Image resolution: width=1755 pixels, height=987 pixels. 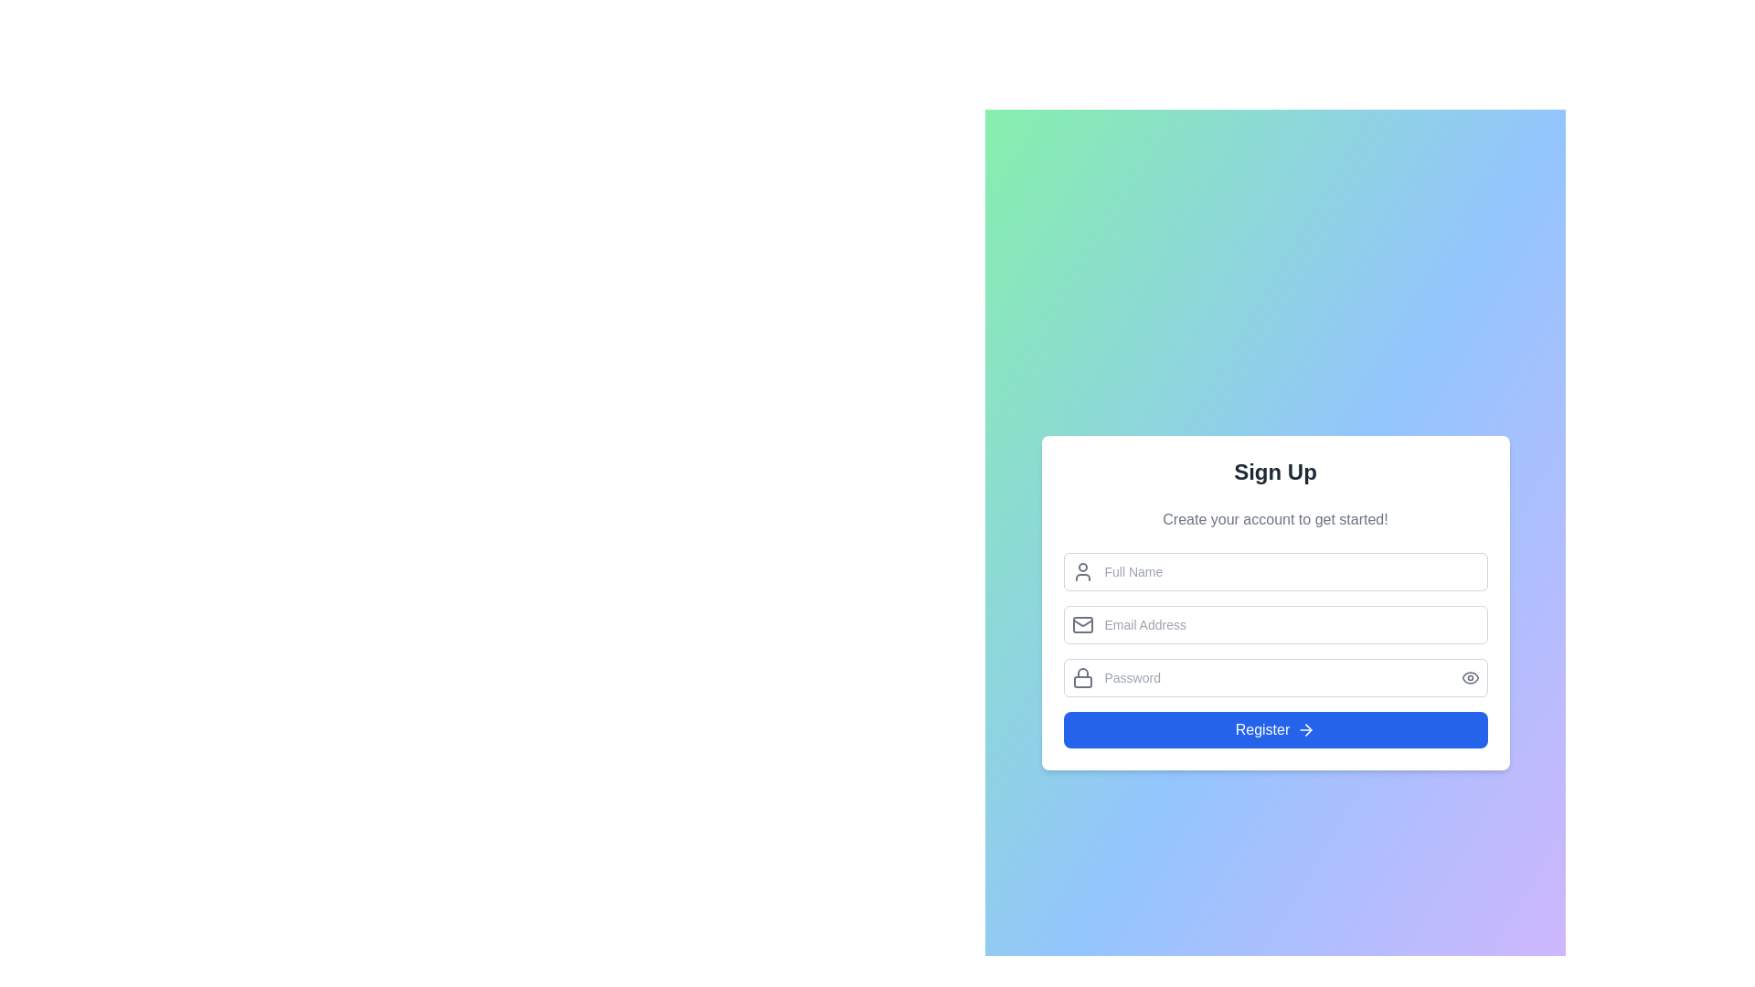 What do you see at coordinates (1274, 520) in the screenshot?
I see `the instructional label that prompts the user to begin the account creation process, located below the 'Sign Up' heading and above the input fields` at bounding box center [1274, 520].